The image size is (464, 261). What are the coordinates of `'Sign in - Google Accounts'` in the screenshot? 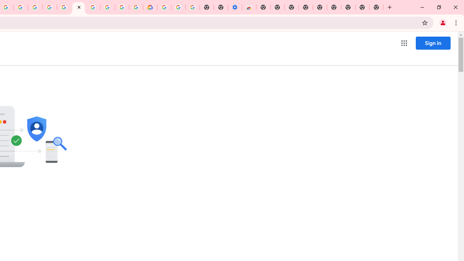 It's located at (64, 7).